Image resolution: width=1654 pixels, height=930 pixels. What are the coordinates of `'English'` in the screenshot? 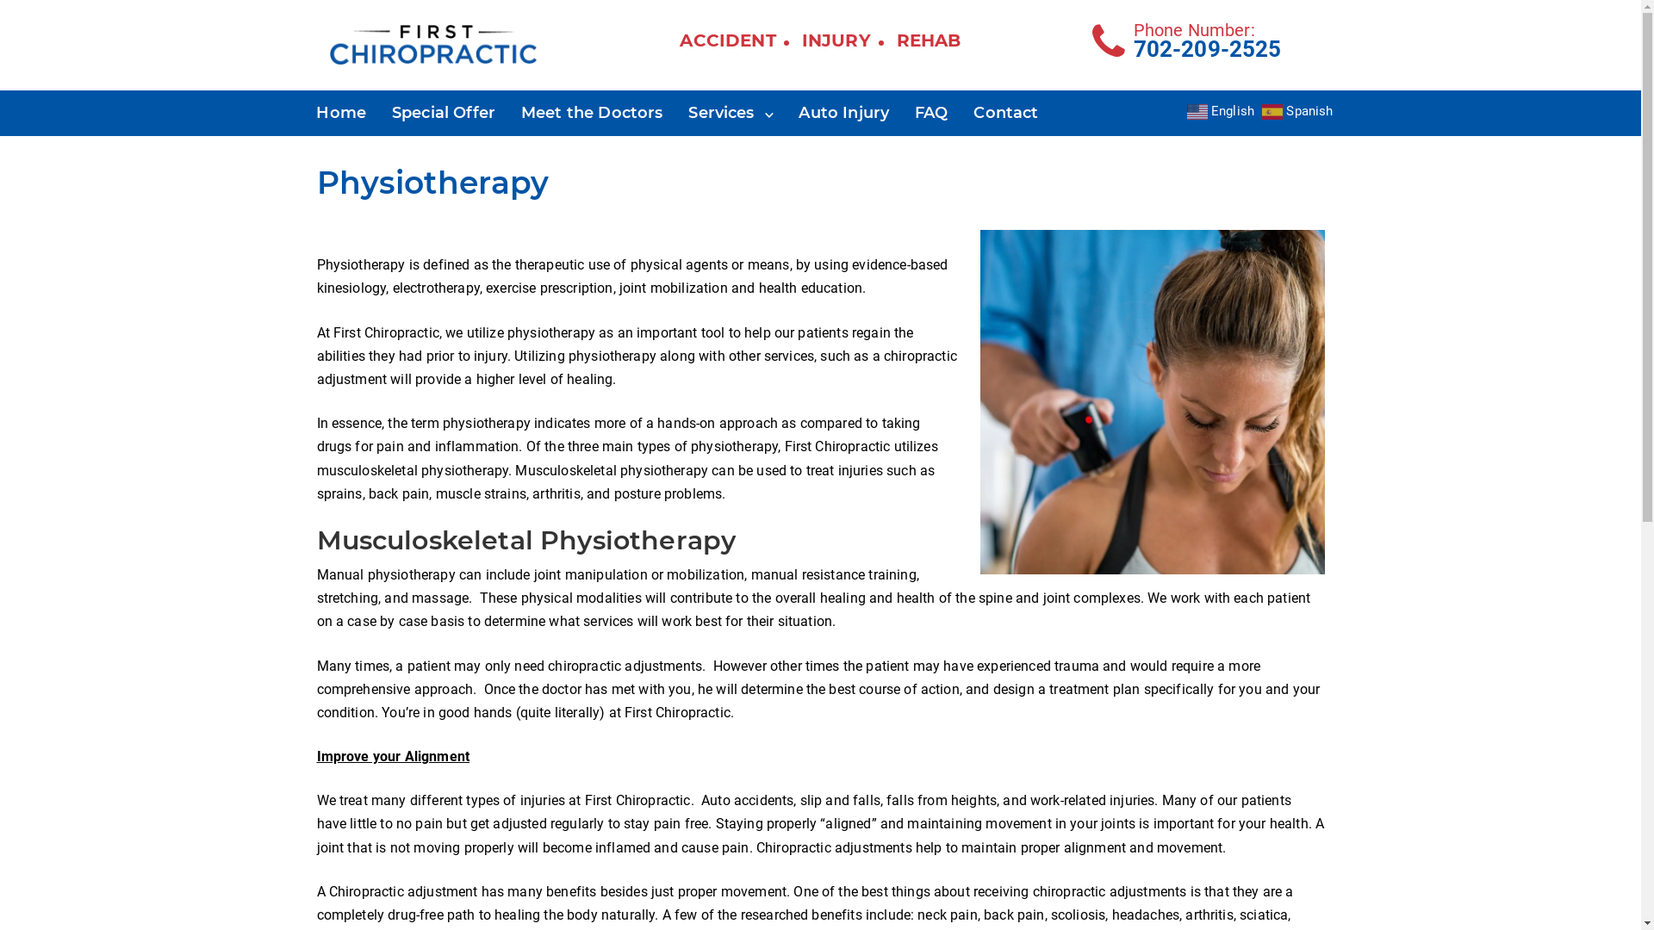 It's located at (1222, 110).